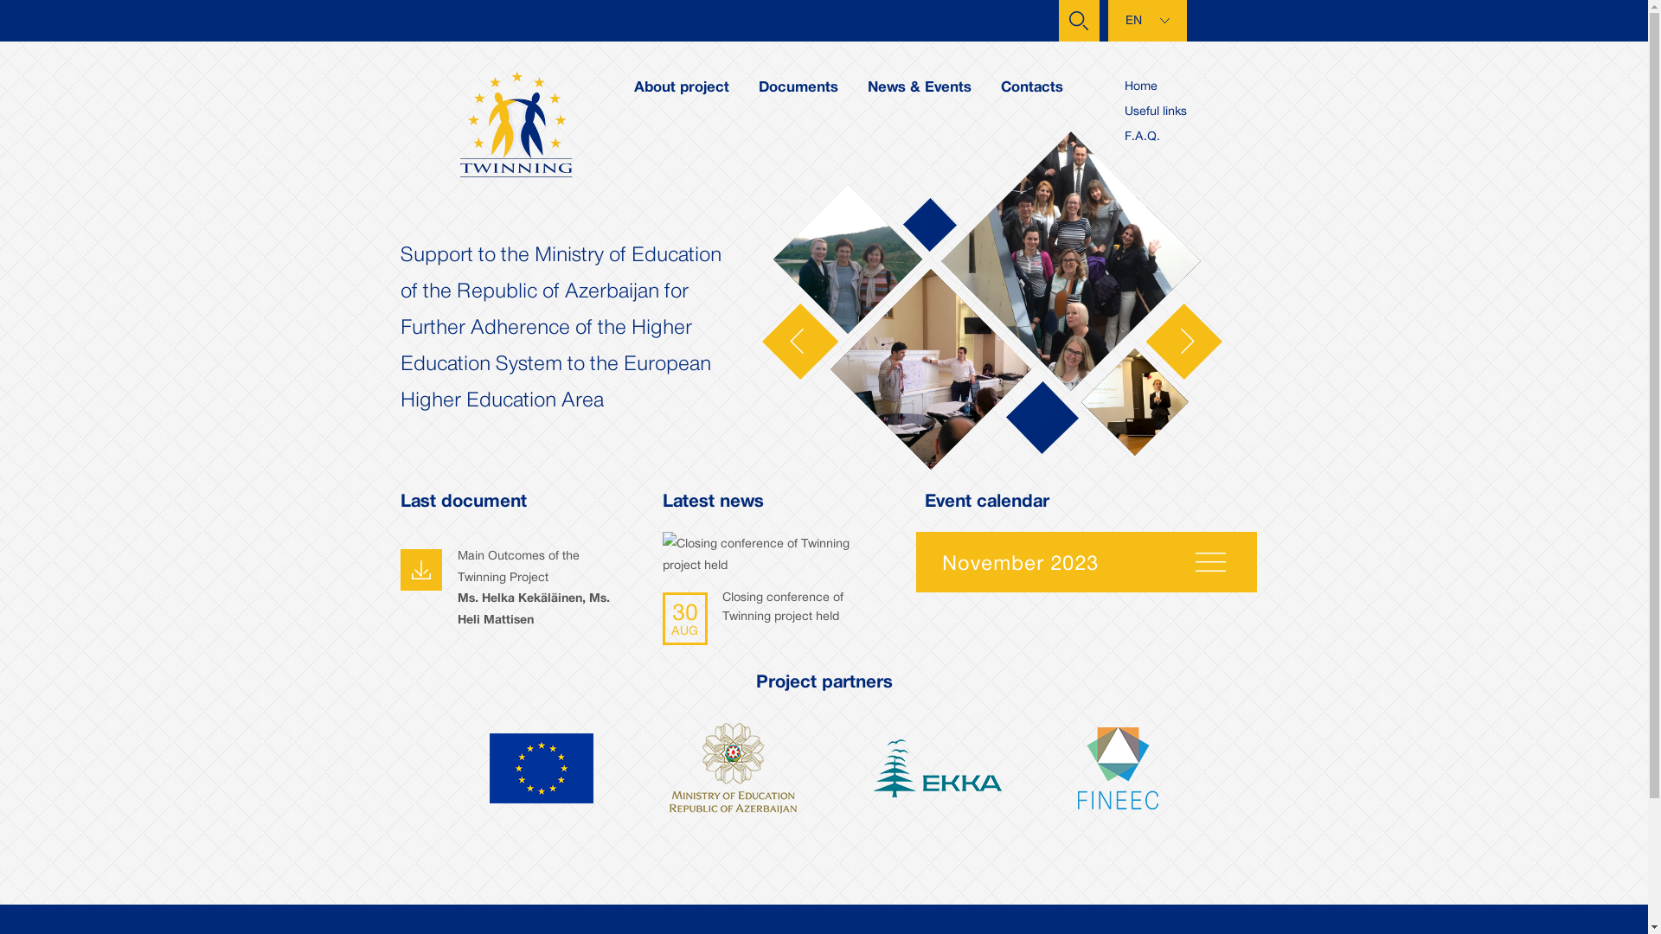  What do you see at coordinates (1183, 340) in the screenshot?
I see `'Next'` at bounding box center [1183, 340].